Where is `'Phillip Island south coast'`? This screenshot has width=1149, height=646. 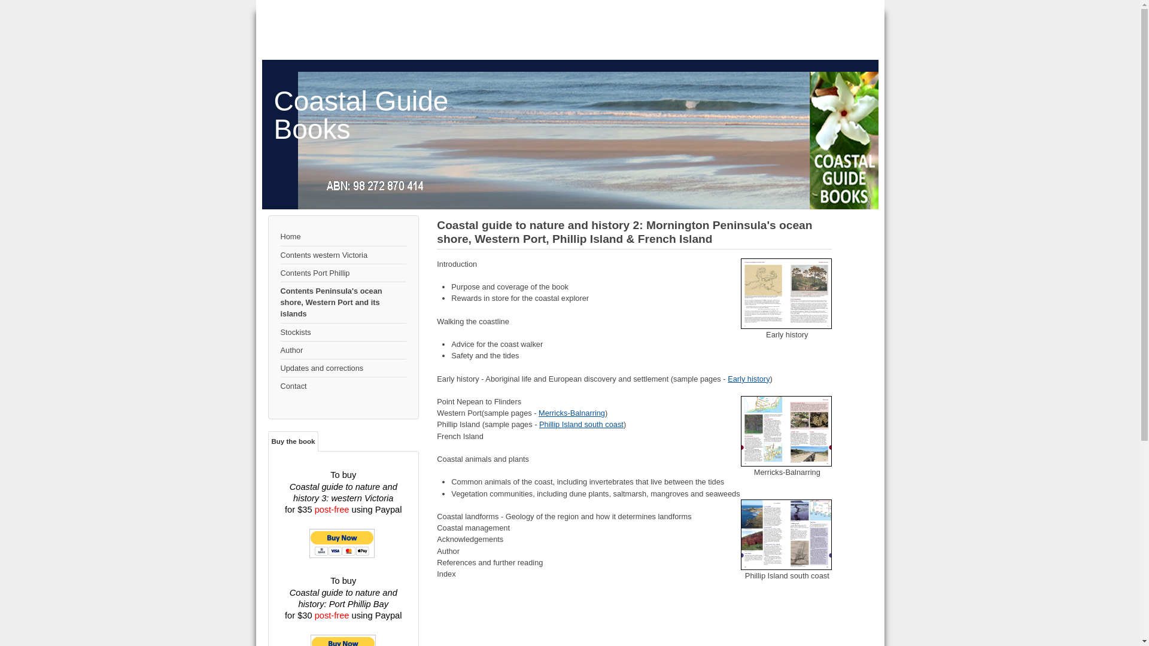
'Phillip Island south coast' is located at coordinates (581, 423).